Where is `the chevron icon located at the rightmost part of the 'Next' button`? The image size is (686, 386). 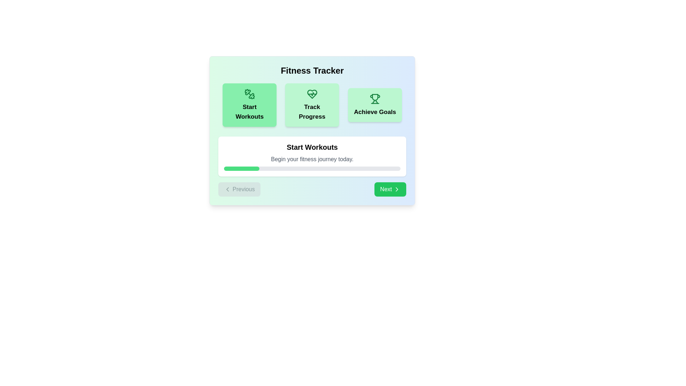 the chevron icon located at the rightmost part of the 'Next' button is located at coordinates (396, 189).